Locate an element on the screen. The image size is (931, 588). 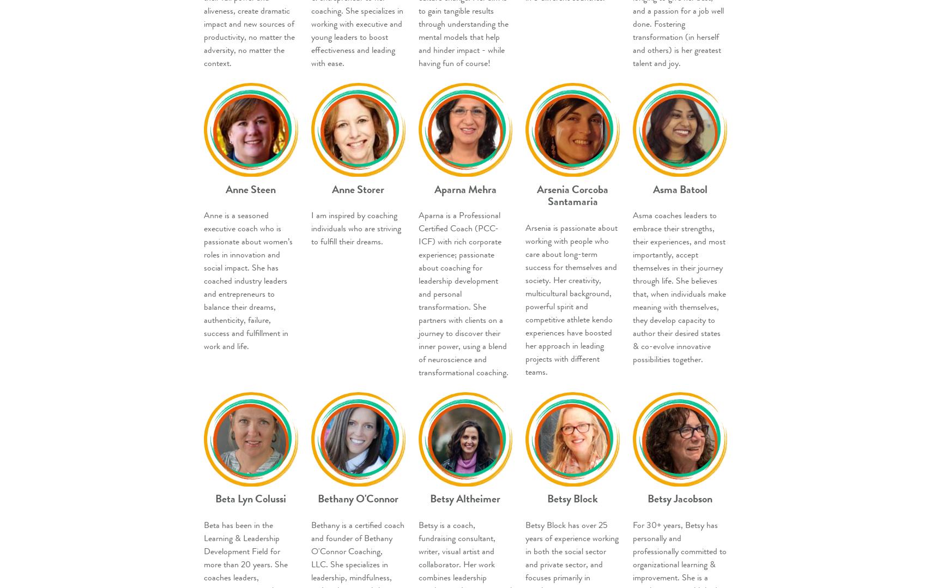
'Arsenia Corcoba Santamaria' is located at coordinates (572, 195).